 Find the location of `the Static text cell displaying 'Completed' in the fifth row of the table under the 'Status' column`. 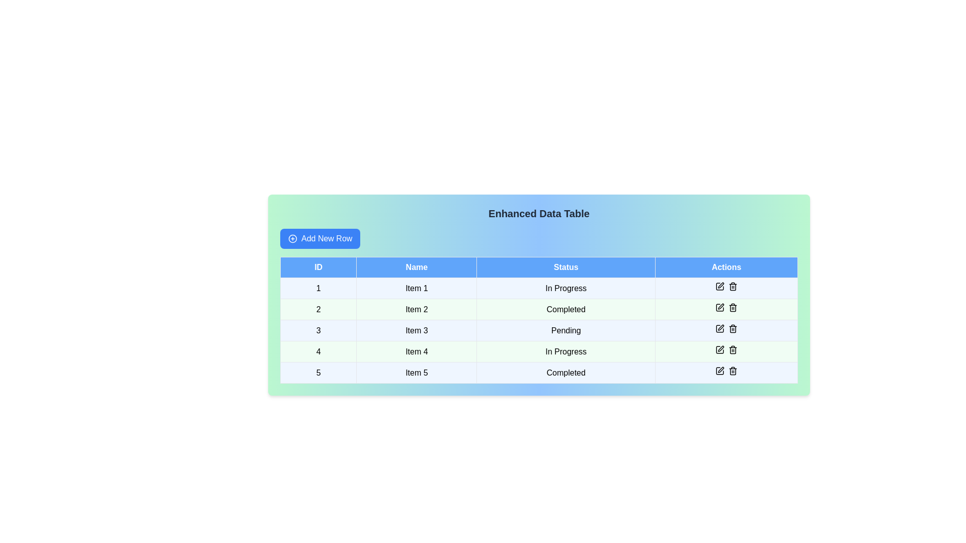

the Static text cell displaying 'Completed' in the fifth row of the table under the 'Status' column is located at coordinates (566, 373).